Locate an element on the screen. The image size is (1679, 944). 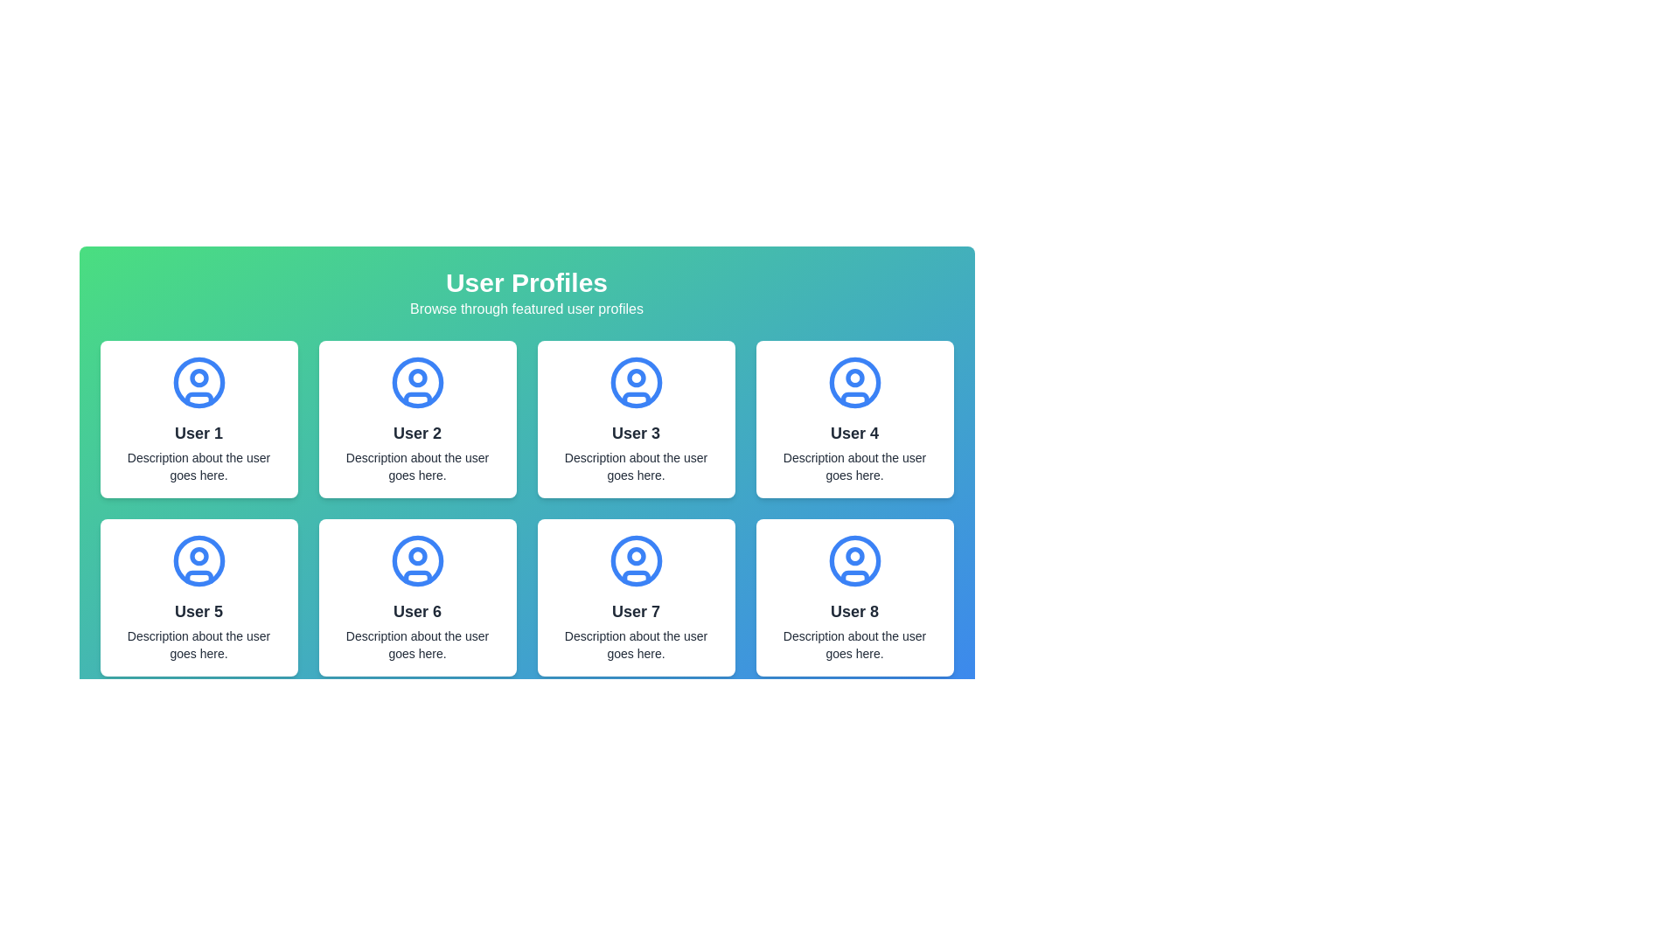
text content of the description paragraph styled in sans-serif font that says 'Description about the user goes here.' located below the title 'User 1' in the top-left card layout is located at coordinates (199, 465).